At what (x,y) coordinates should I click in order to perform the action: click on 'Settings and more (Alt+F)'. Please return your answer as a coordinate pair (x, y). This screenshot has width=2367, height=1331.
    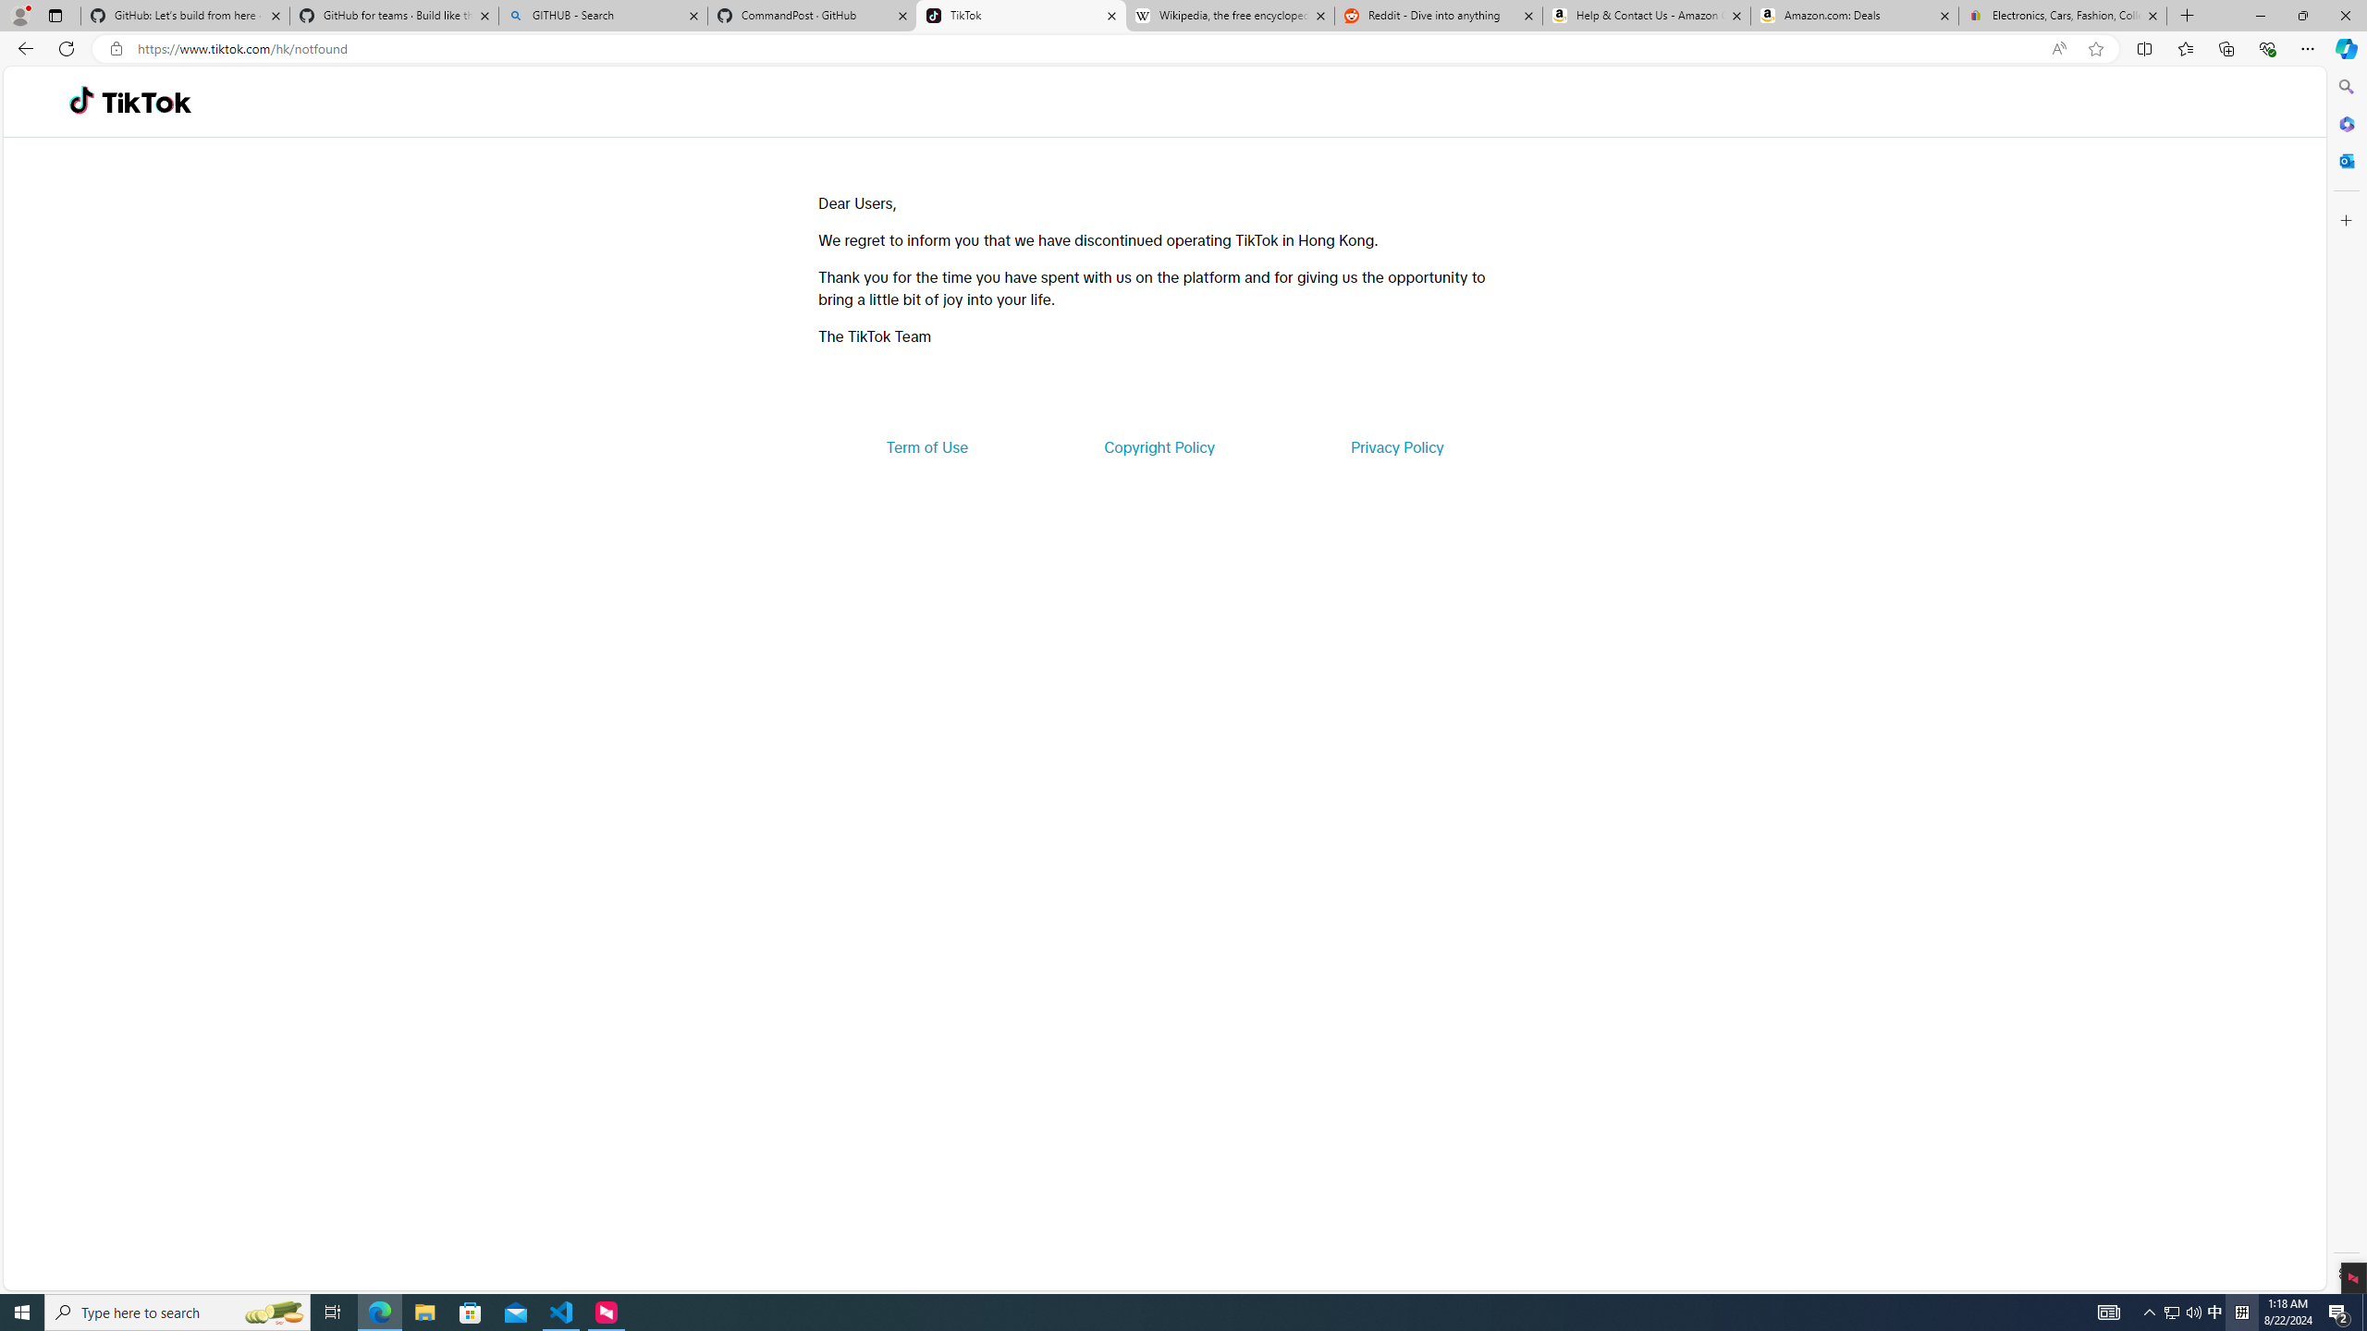
    Looking at the image, I should click on (2307, 47).